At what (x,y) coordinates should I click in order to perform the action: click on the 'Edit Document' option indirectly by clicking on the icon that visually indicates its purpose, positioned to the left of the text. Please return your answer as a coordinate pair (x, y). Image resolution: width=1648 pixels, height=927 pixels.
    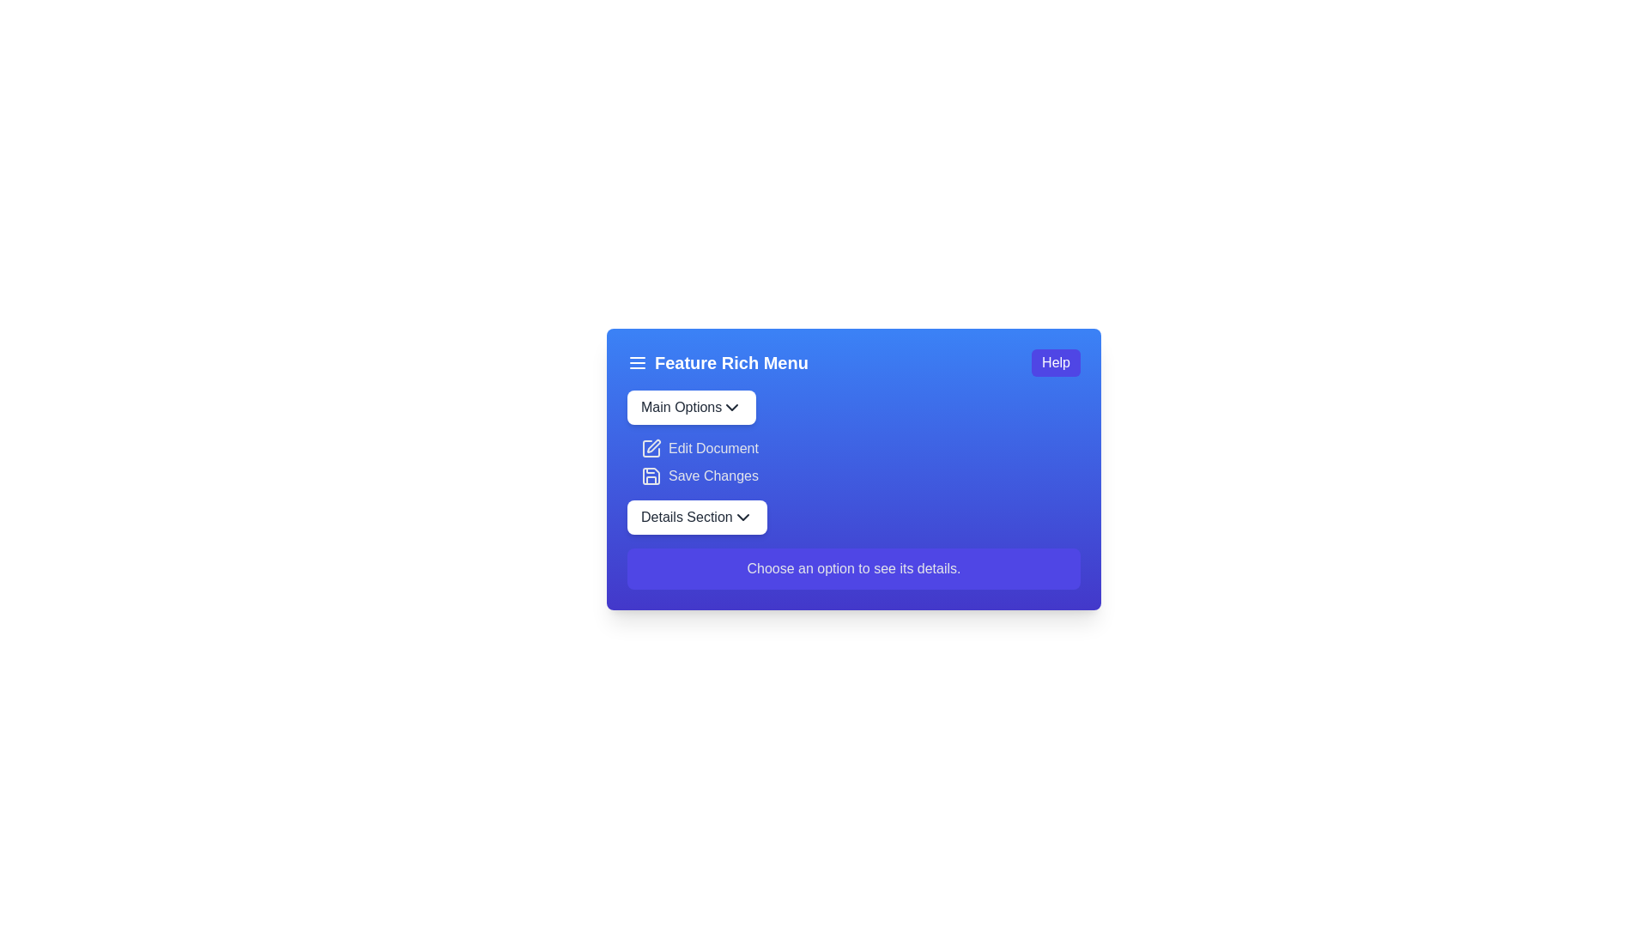
    Looking at the image, I should click on (650, 448).